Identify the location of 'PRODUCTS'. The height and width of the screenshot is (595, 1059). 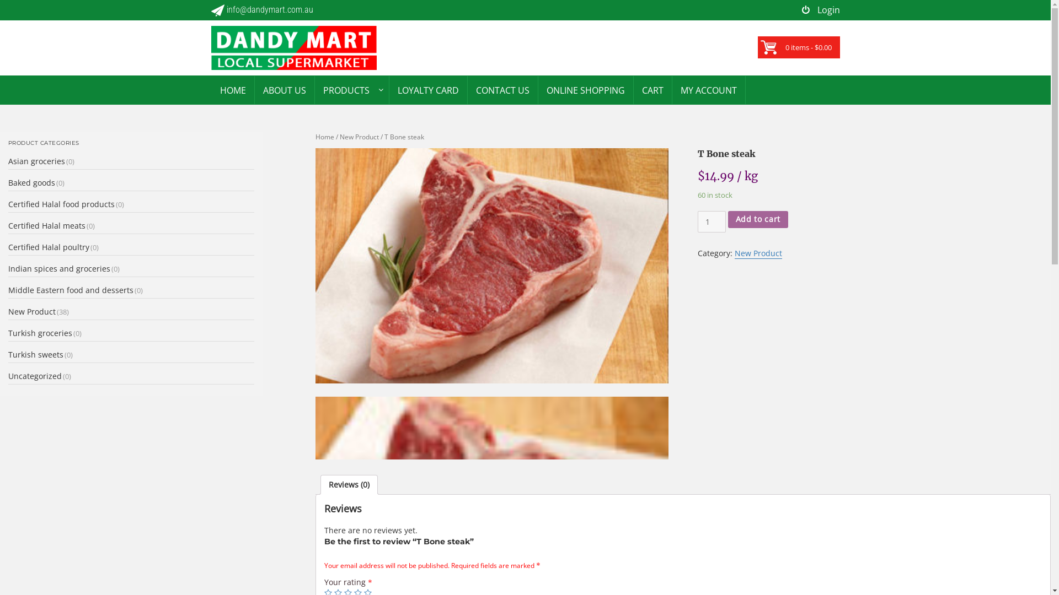
(345, 89).